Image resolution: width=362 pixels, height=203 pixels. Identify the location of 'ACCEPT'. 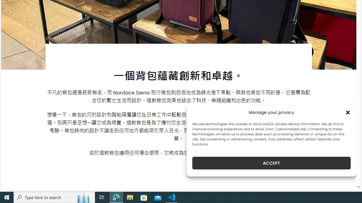
(271, 163).